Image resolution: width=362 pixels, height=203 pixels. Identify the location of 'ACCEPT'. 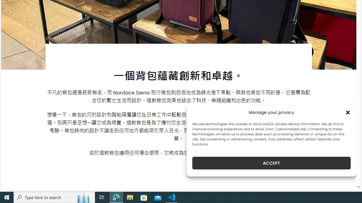
(271, 163).